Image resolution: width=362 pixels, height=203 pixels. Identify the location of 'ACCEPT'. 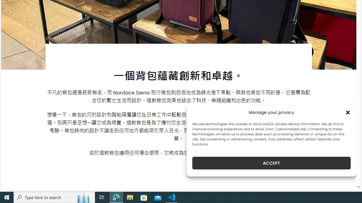
(271, 163).